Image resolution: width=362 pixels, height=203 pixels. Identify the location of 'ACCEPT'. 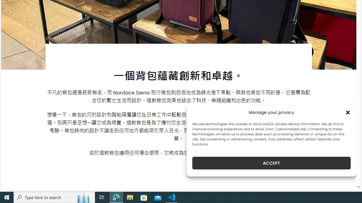
(271, 163).